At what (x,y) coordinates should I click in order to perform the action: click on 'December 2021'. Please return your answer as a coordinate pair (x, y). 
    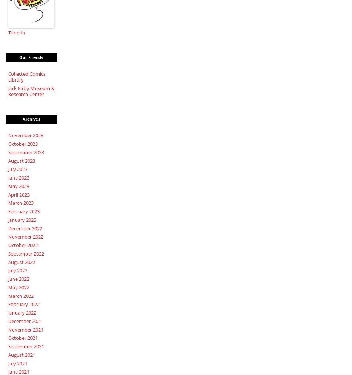
    Looking at the image, I should click on (24, 321).